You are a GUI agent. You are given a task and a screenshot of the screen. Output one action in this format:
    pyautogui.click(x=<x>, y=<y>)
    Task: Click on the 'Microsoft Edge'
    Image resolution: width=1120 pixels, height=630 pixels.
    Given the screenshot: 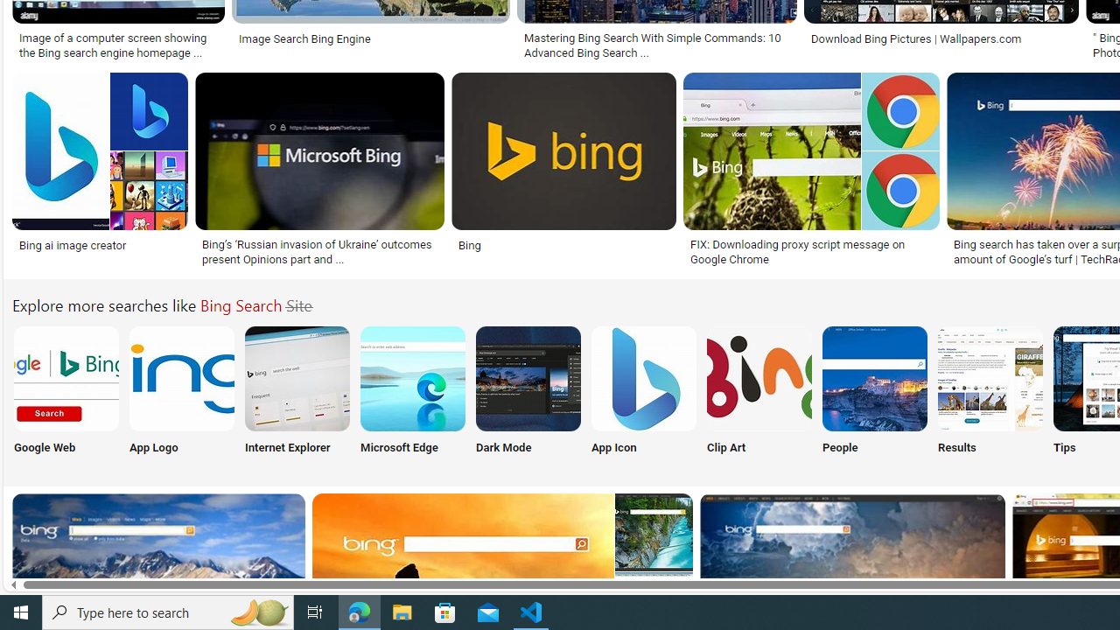 What is the action you would take?
    pyautogui.click(x=412, y=394)
    